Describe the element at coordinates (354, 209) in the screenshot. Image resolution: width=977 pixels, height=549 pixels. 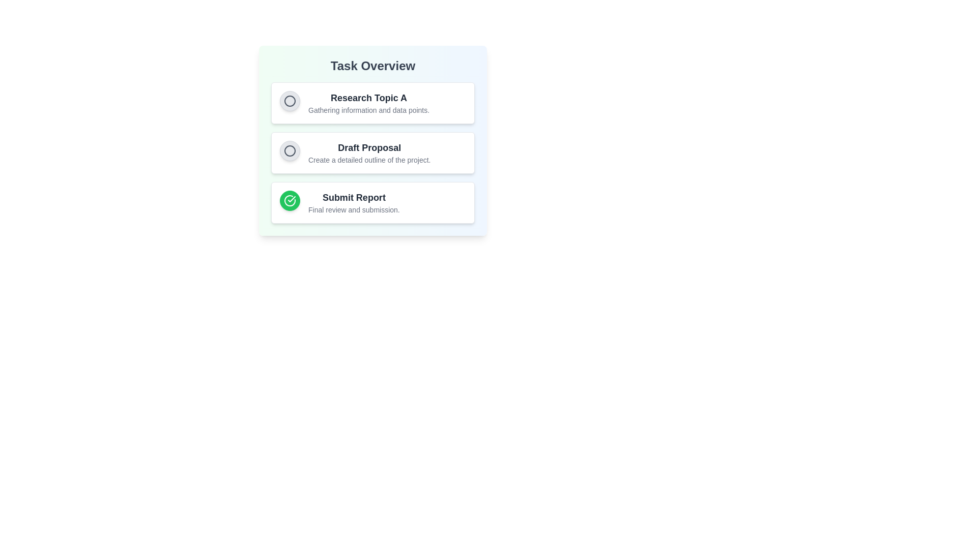
I see `the explanatory text located below the 'Submit Report' title within the 'Submit Report' section` at that location.